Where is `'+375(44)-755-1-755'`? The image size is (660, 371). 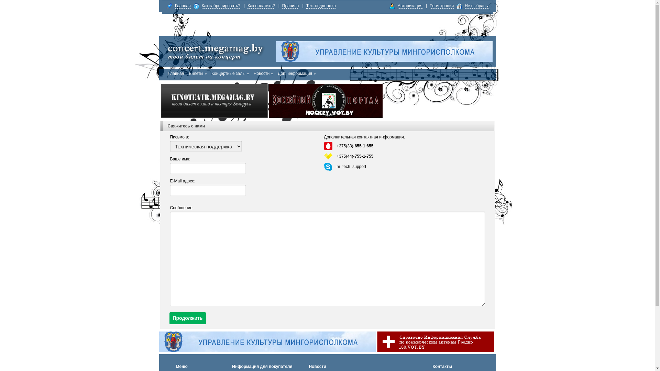 '+375(44)-755-1-755' is located at coordinates (337, 156).